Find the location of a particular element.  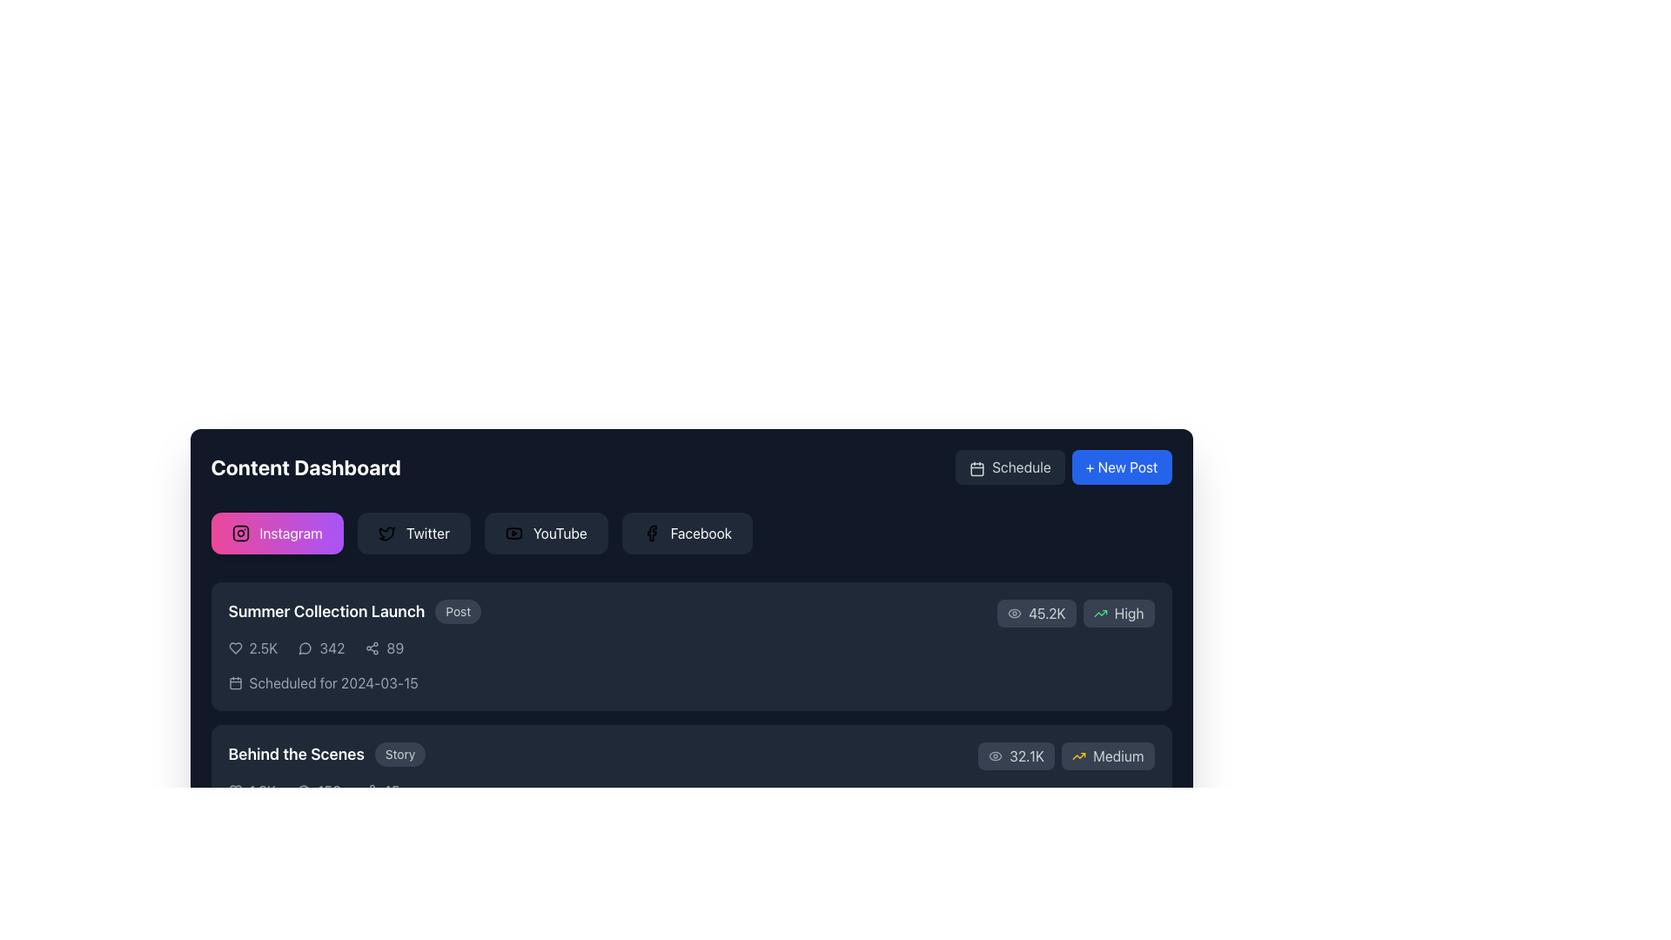

the green upward-trending arrow icon that is part of the 'High' label in gray text, located within a rounded rectangle in gray background is located at coordinates (1099, 613).